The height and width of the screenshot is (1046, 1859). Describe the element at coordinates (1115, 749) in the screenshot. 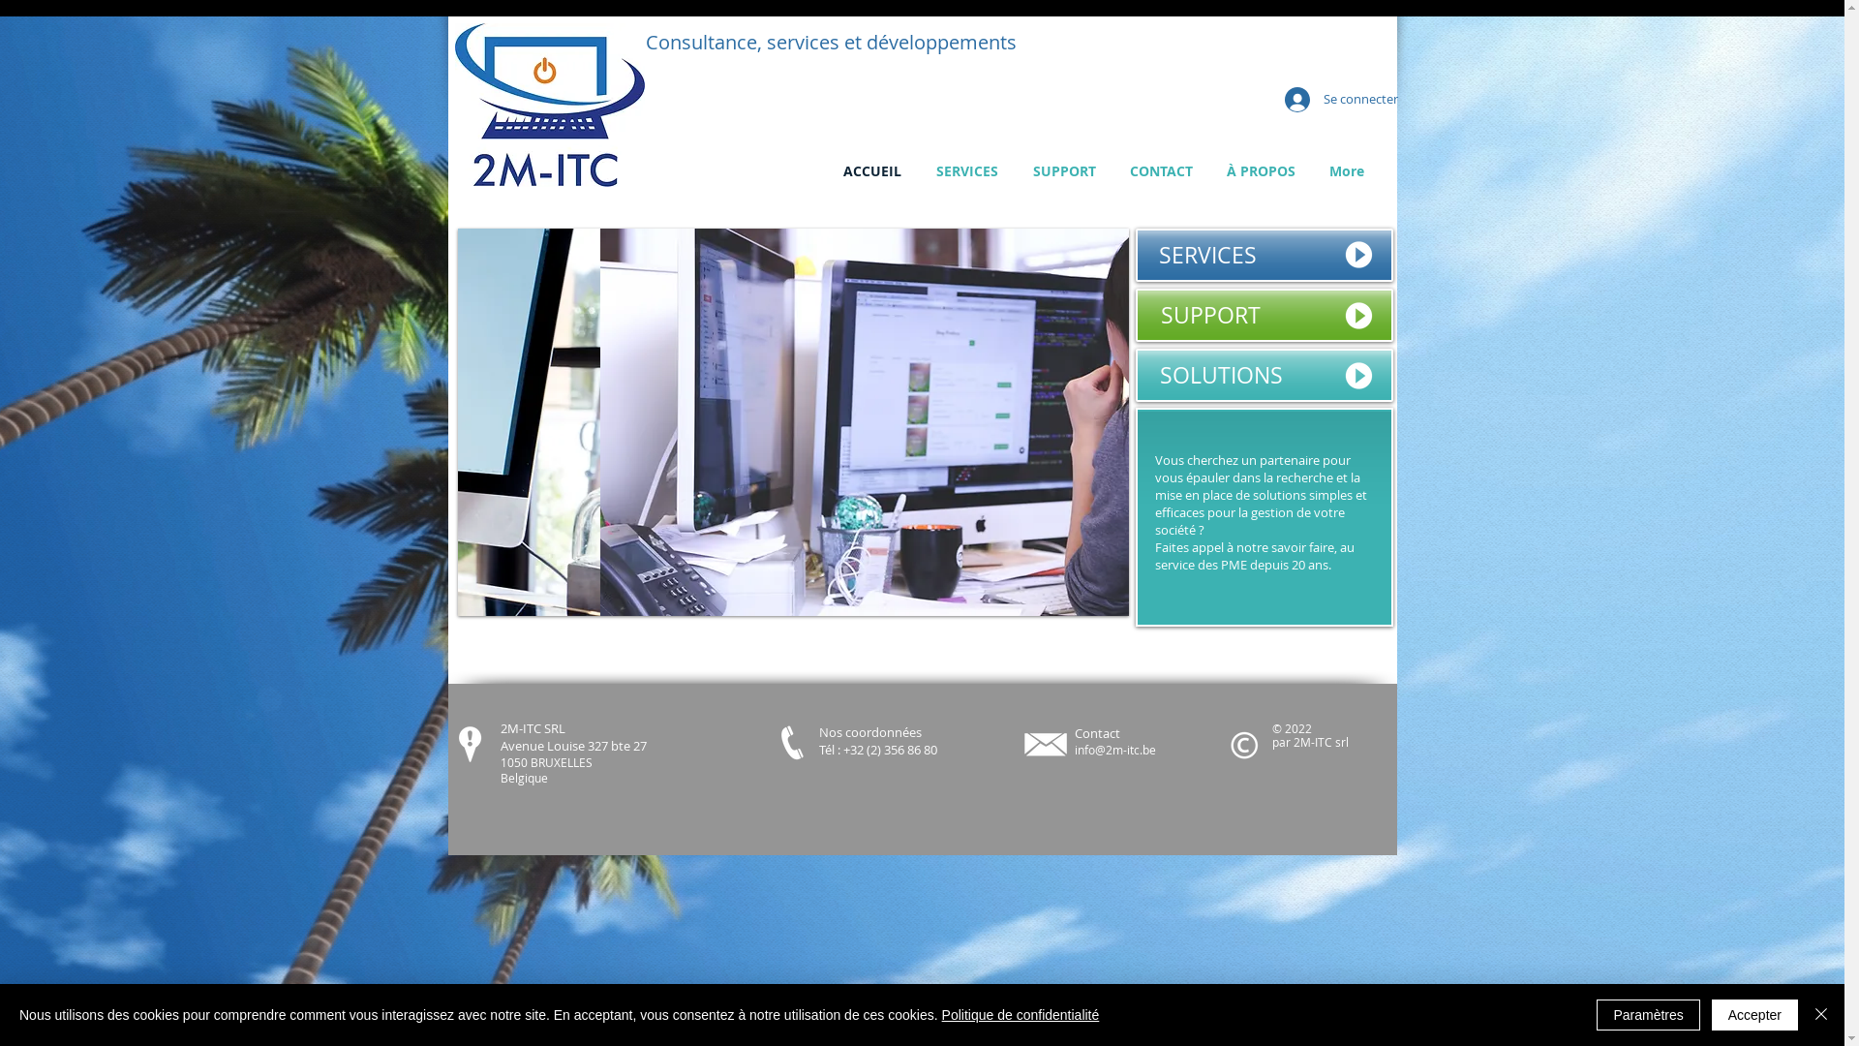

I see `'info@2m-itc.be'` at that location.